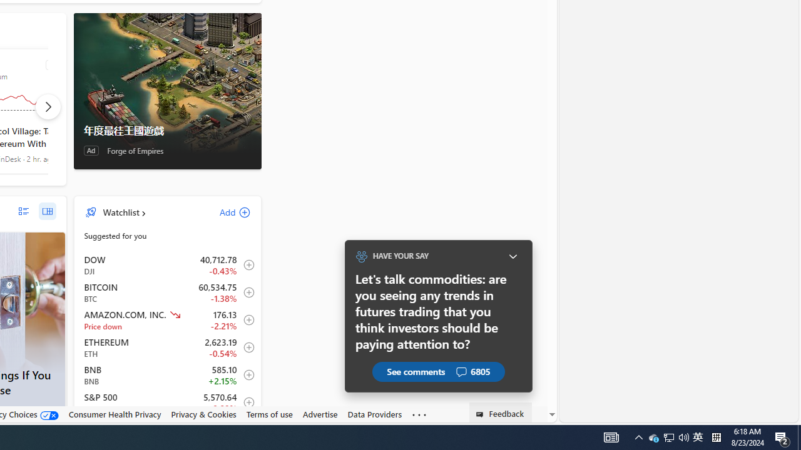 This screenshot has width=801, height=450. I want to click on 'Class: feedback_link_icon-DS-EntryPoint1-1', so click(481, 414).